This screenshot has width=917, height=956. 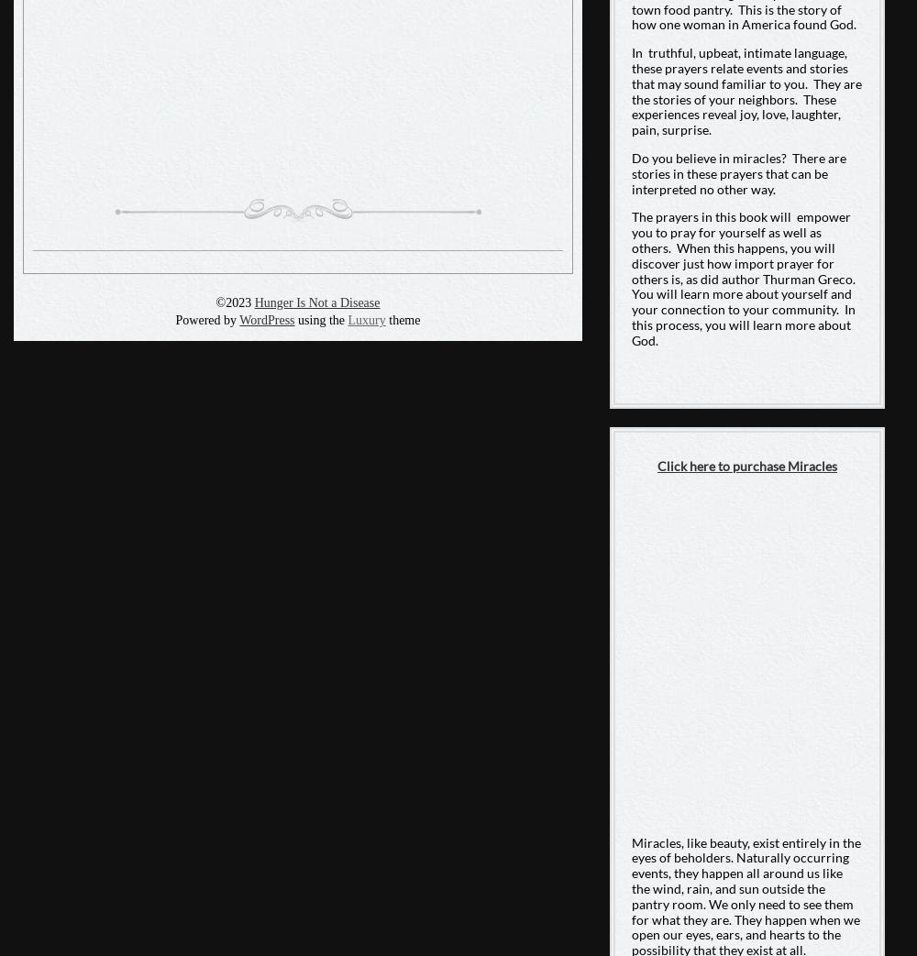 What do you see at coordinates (745, 91) in the screenshot?
I see `'In  truthful, upbeat, intimate language, these prayers relate events and stories that may sound familiar to you.  They are the stories of your neighbors.  These experiences reveal joy, love, laughter, pain, surprise.'` at bounding box center [745, 91].